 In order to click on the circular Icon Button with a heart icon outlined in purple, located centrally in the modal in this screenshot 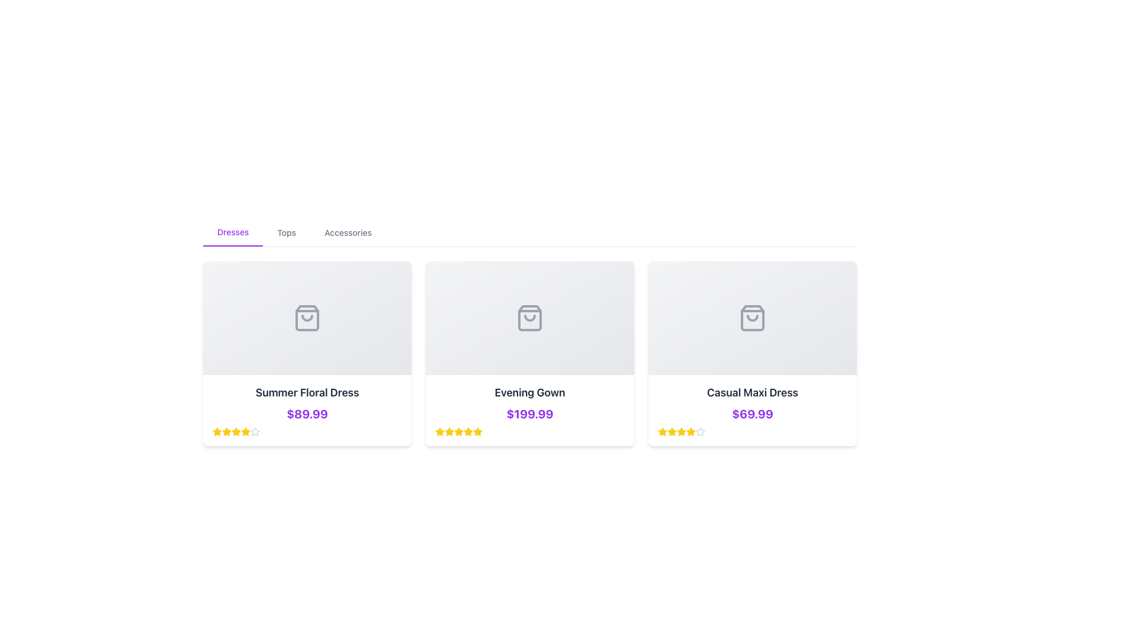, I will do `click(292, 353)`.